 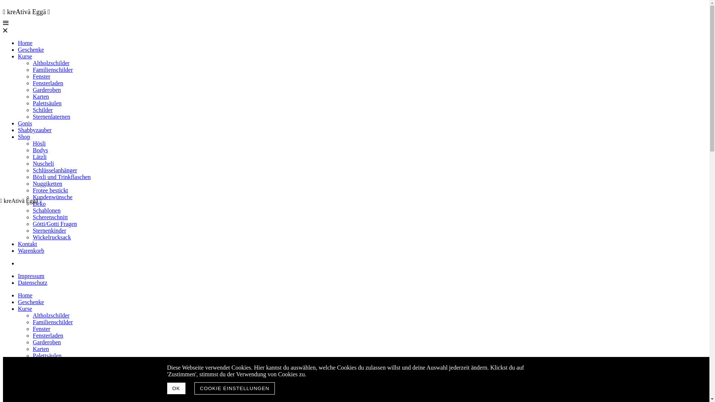 What do you see at coordinates (32, 283) in the screenshot?
I see `'Datenschutz'` at bounding box center [32, 283].